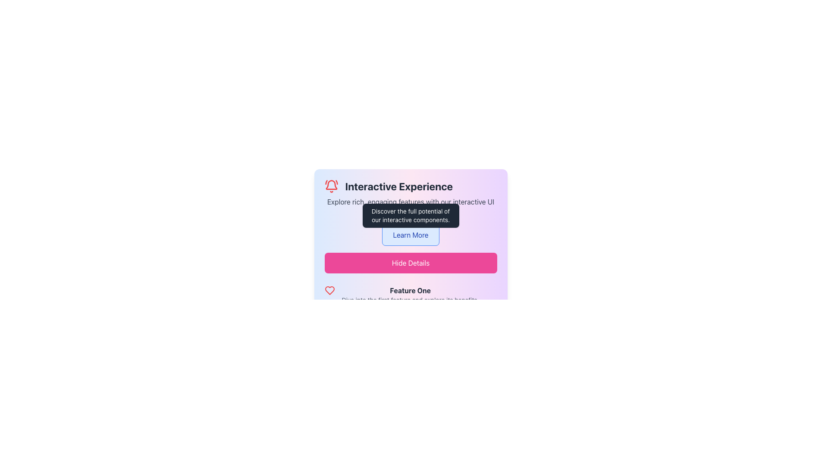 Image resolution: width=828 pixels, height=465 pixels. I want to click on the notification icon located at the top-left of the 'Interactive Experience' section, which serves as a visual indicator for alerts relevant to that feature, so click(331, 186).